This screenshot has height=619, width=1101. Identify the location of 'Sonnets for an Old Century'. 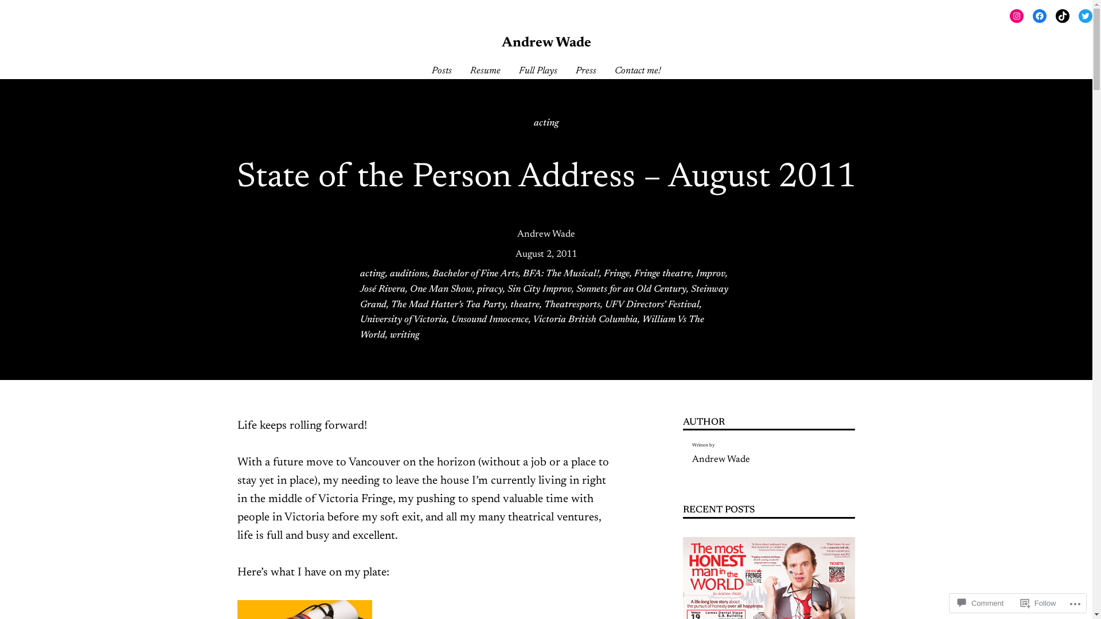
(575, 289).